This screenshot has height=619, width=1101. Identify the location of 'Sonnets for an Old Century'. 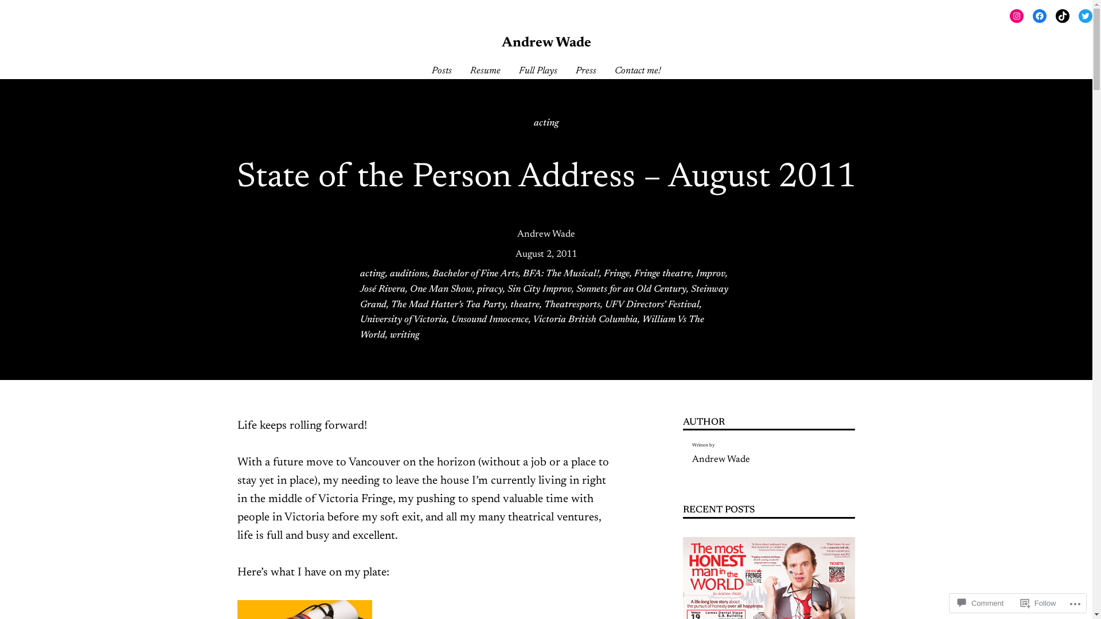
(575, 289).